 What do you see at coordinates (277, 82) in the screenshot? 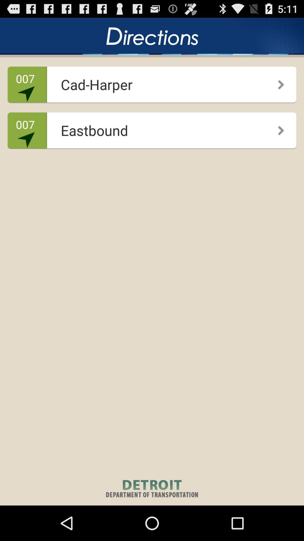
I see `app next to the cad-harper item` at bounding box center [277, 82].